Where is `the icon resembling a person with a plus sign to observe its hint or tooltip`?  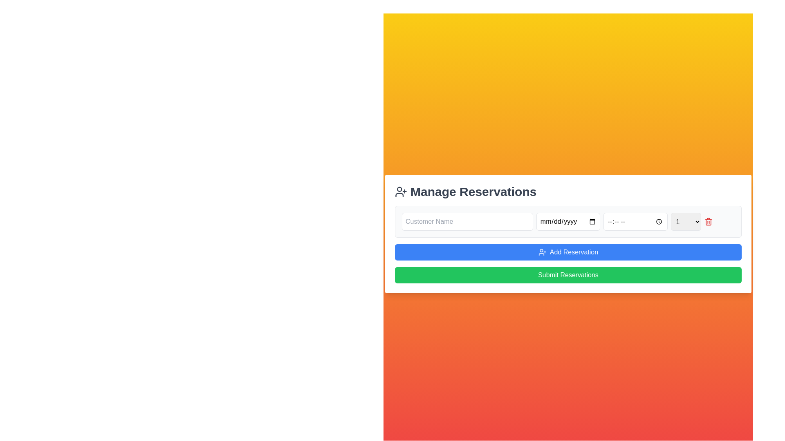
the icon resembling a person with a plus sign to observe its hint or tooltip is located at coordinates (401, 192).